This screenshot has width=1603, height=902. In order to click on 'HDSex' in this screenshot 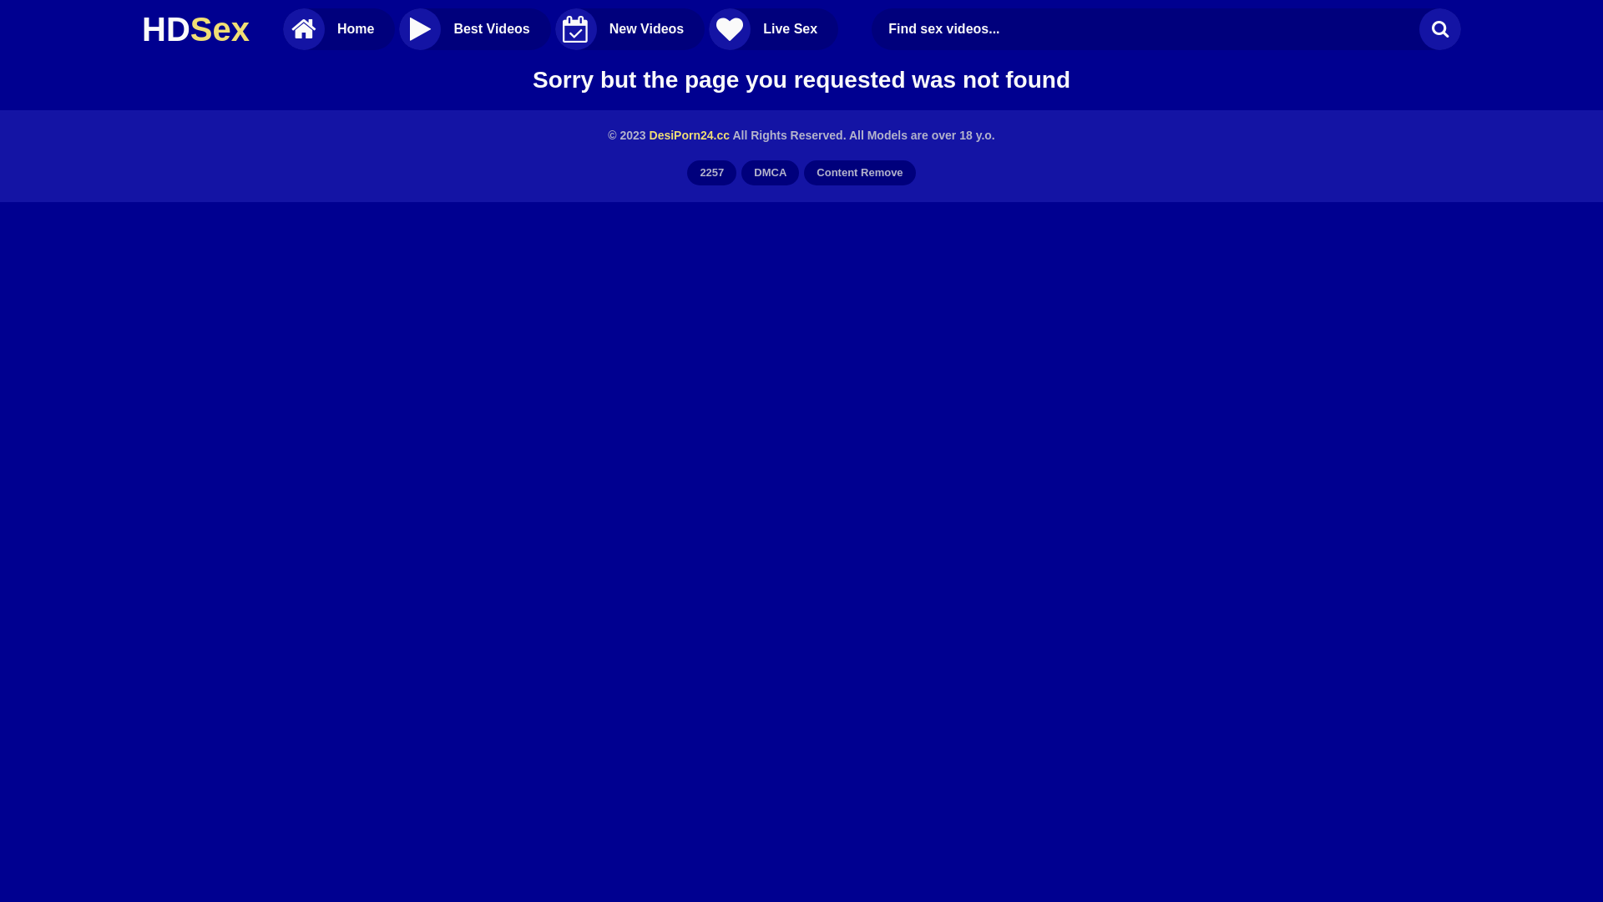, I will do `click(195, 28)`.